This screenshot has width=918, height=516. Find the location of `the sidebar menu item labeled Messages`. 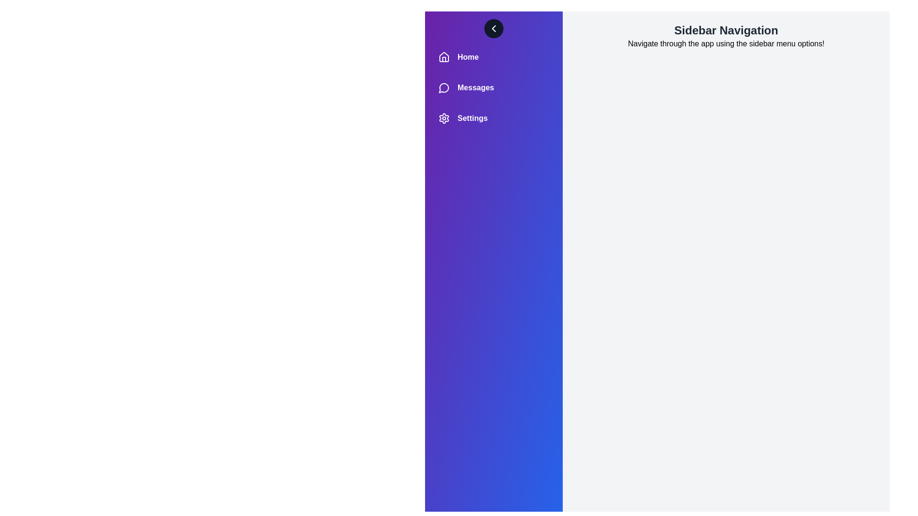

the sidebar menu item labeled Messages is located at coordinates (493, 88).